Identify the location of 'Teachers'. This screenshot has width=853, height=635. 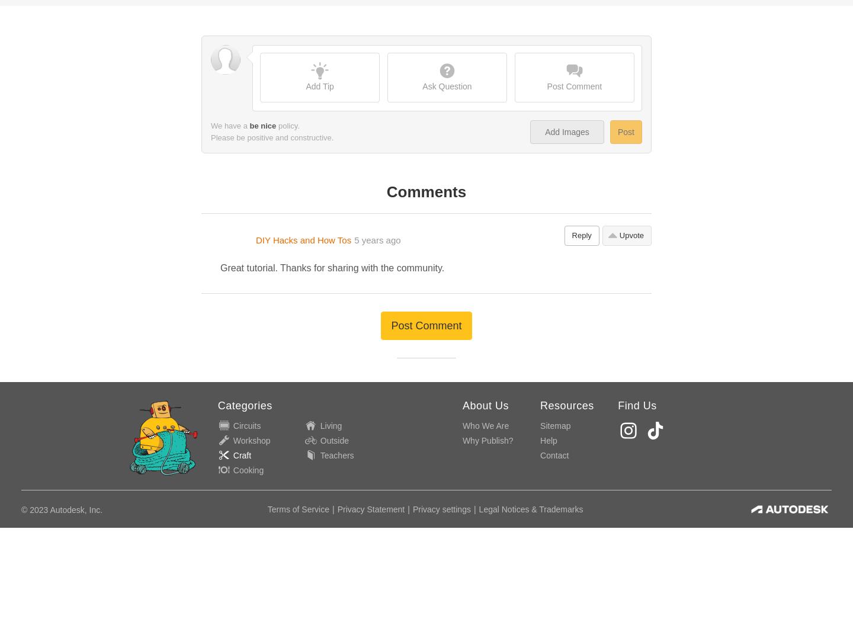
(319, 181).